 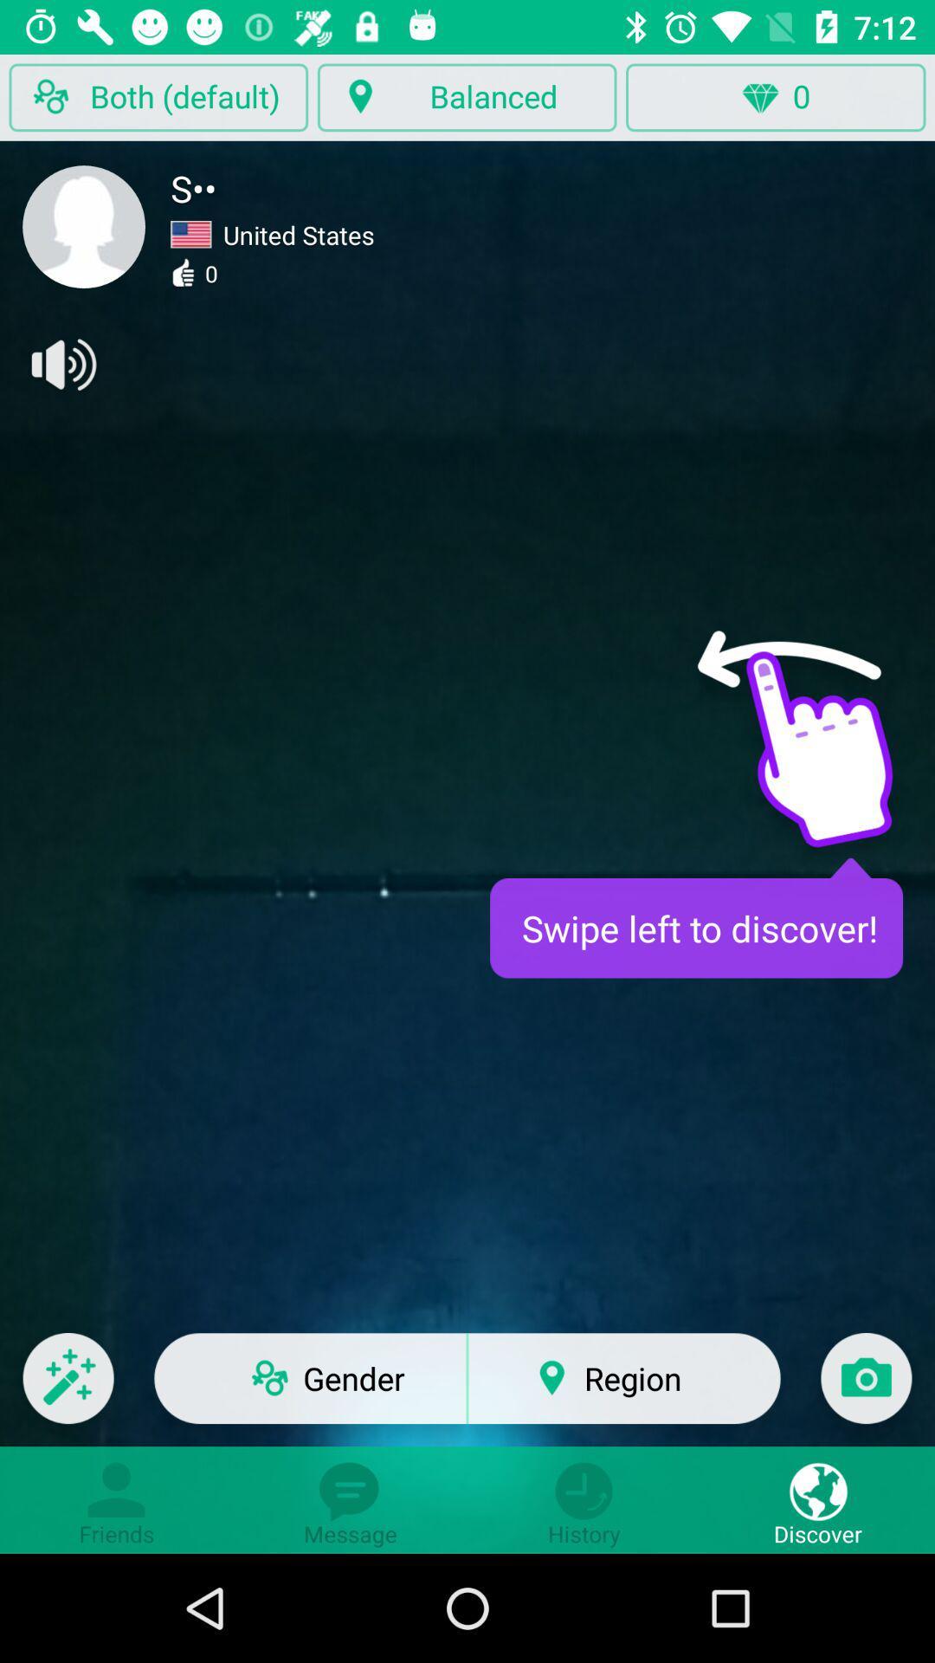 I want to click on the item below the swipe left to item, so click(x=866, y=1389).